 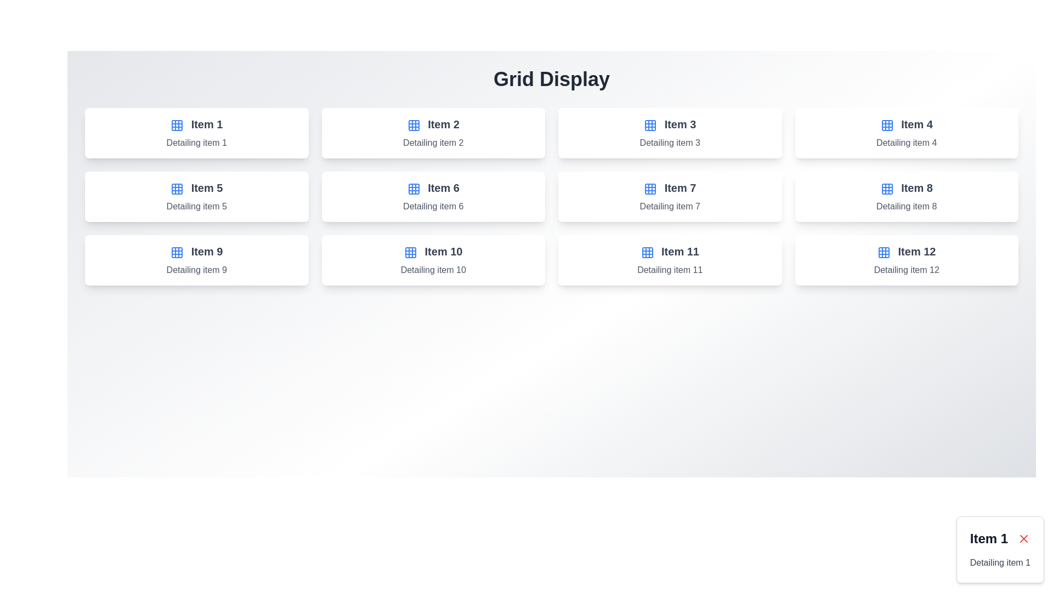 What do you see at coordinates (669, 143) in the screenshot?
I see `the text label styled in gray with the content 'Detailing item 3', located beneath the heading 'Item 3' in a card-like structure` at bounding box center [669, 143].